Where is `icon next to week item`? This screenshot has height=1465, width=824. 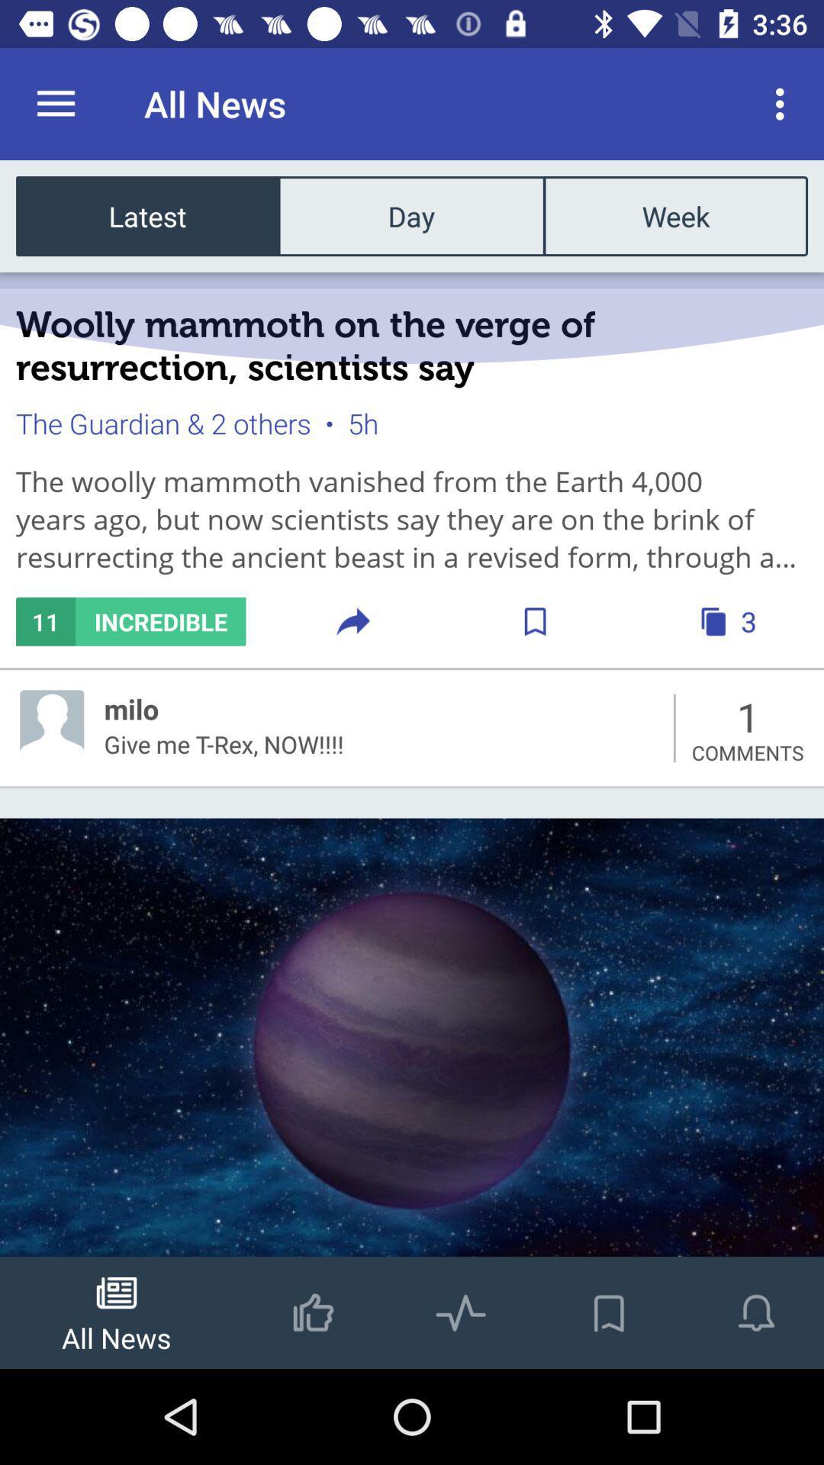
icon next to week item is located at coordinates (410, 215).